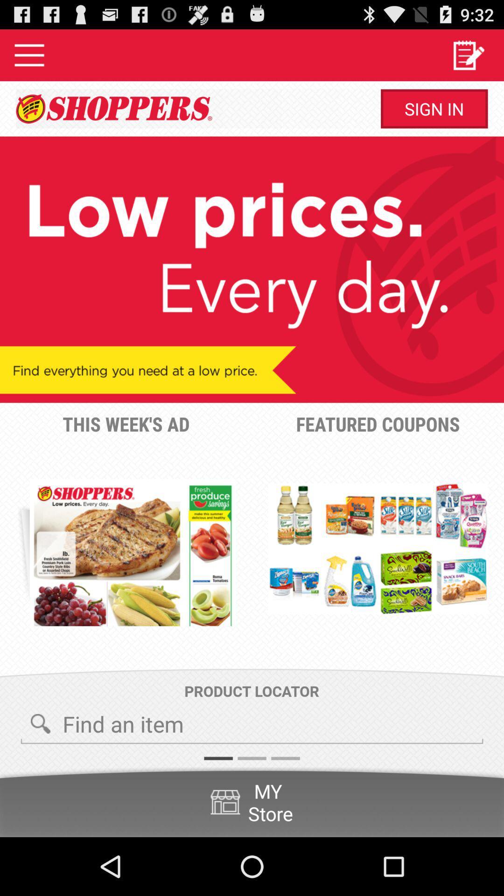  What do you see at coordinates (133, 553) in the screenshot?
I see `the item below this week s` at bounding box center [133, 553].